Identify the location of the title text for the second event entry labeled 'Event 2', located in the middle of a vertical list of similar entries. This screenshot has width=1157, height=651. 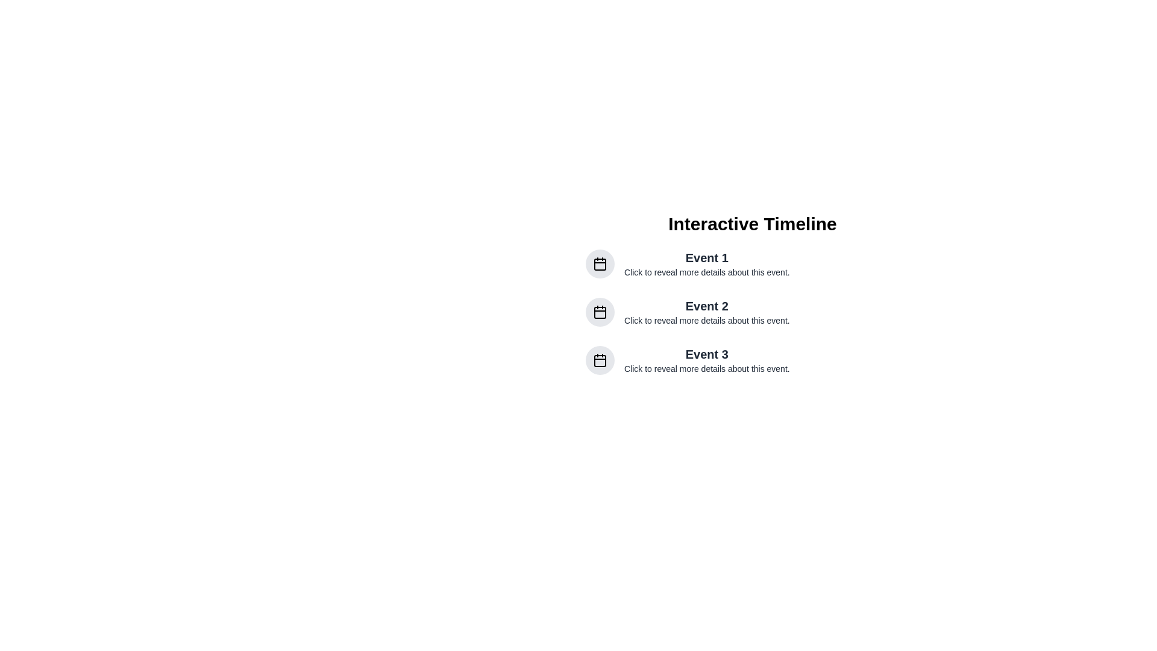
(707, 306).